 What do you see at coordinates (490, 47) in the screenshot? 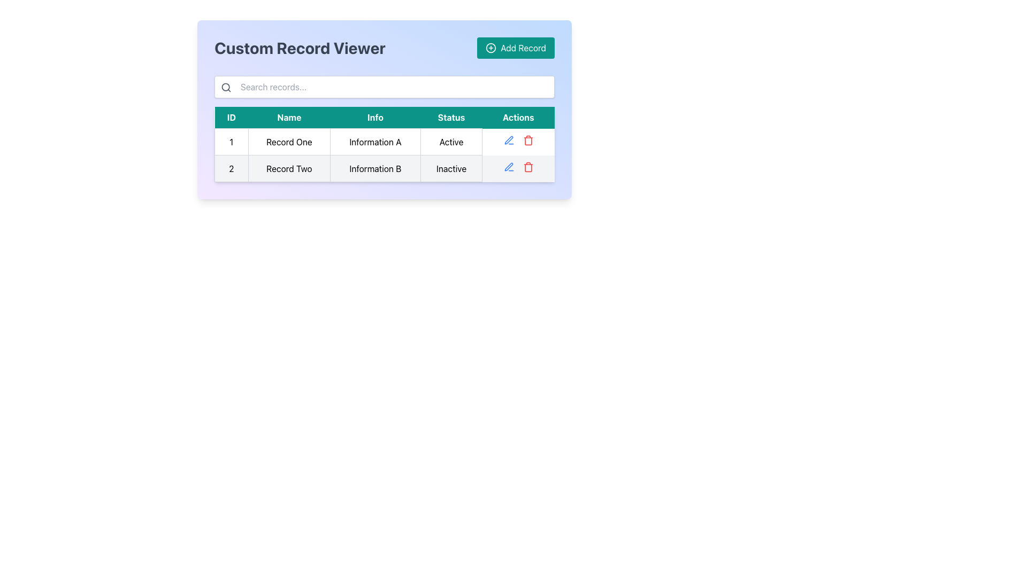
I see `the graphical representation of the plus icon inside the 'Add Record' button, which is a circular graphic with a plus sign and is styled with a minimalistic design, located near the top-right corner of the interface` at bounding box center [490, 47].